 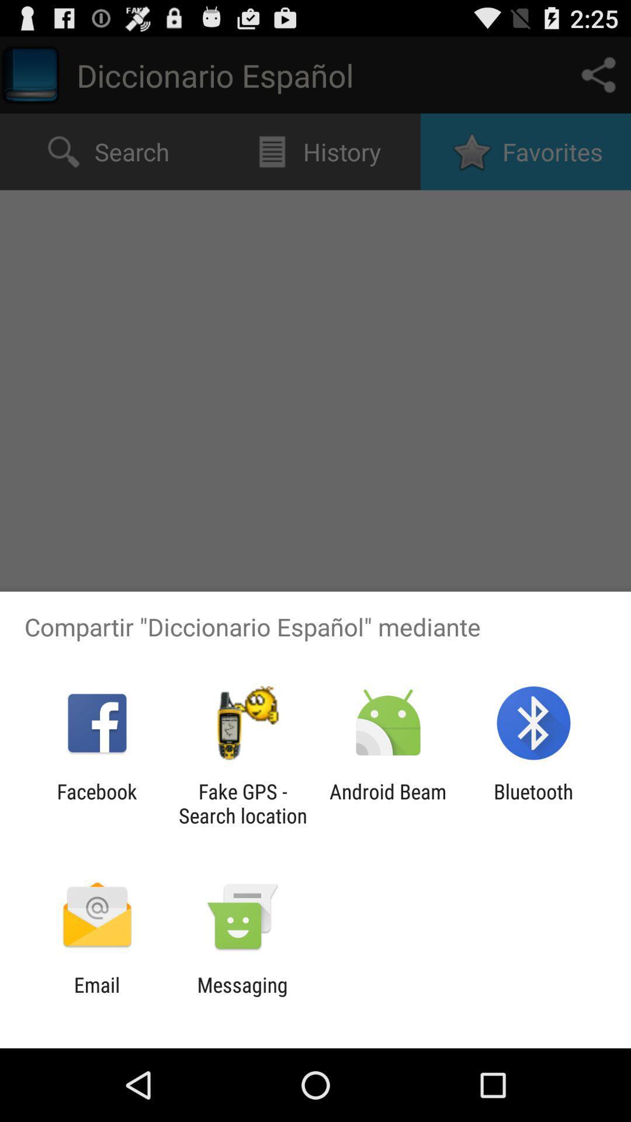 What do you see at coordinates (242, 803) in the screenshot?
I see `the fake gps search item` at bounding box center [242, 803].